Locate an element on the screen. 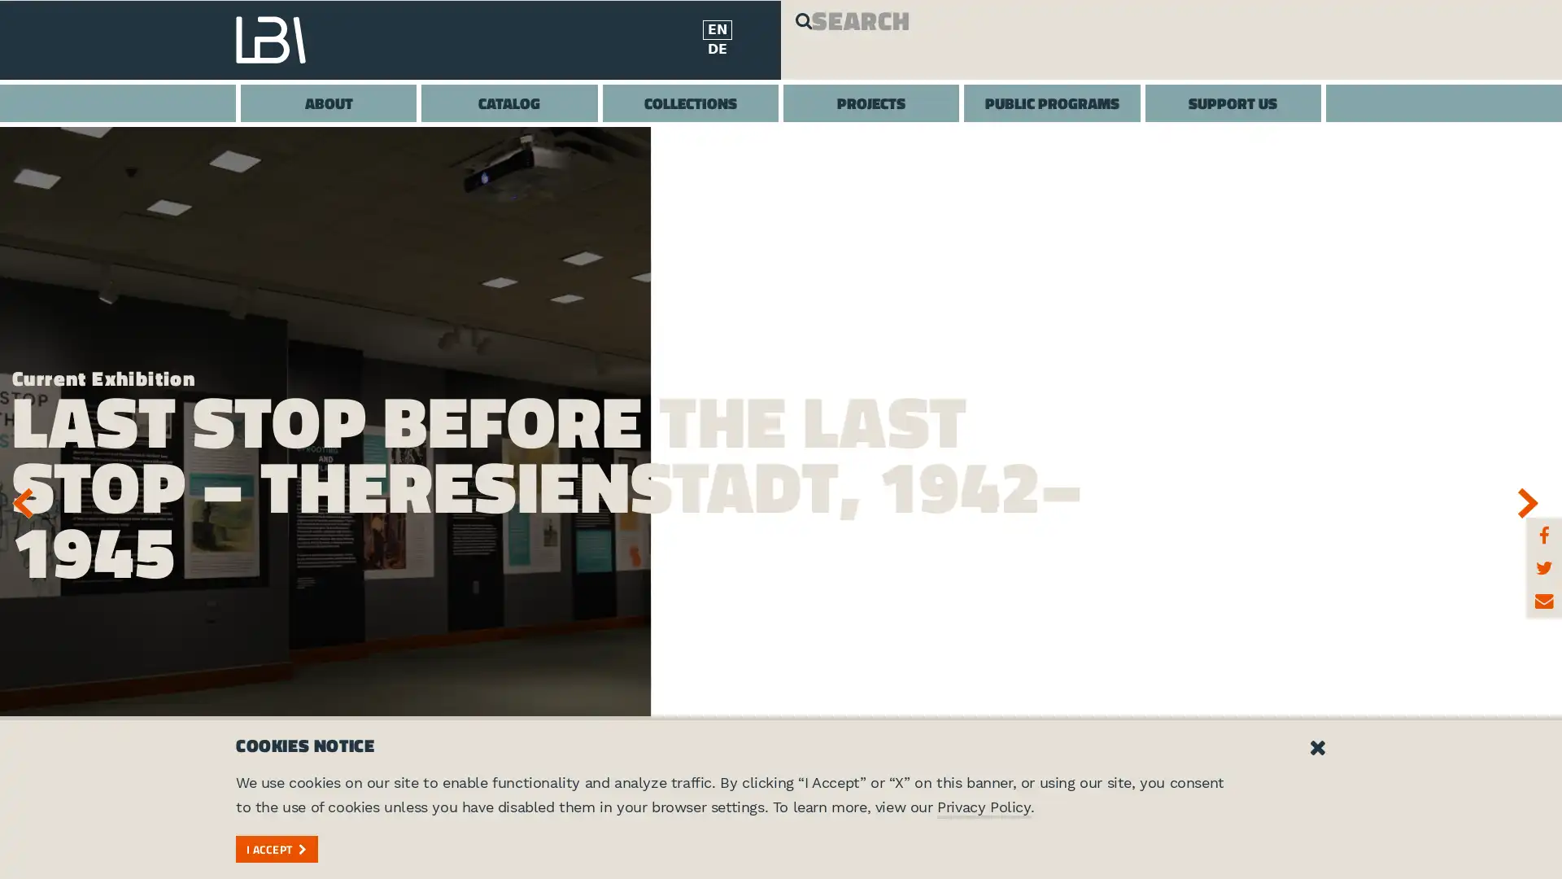 This screenshot has height=879, width=1562. I ACCEPT is located at coordinates (277, 847).